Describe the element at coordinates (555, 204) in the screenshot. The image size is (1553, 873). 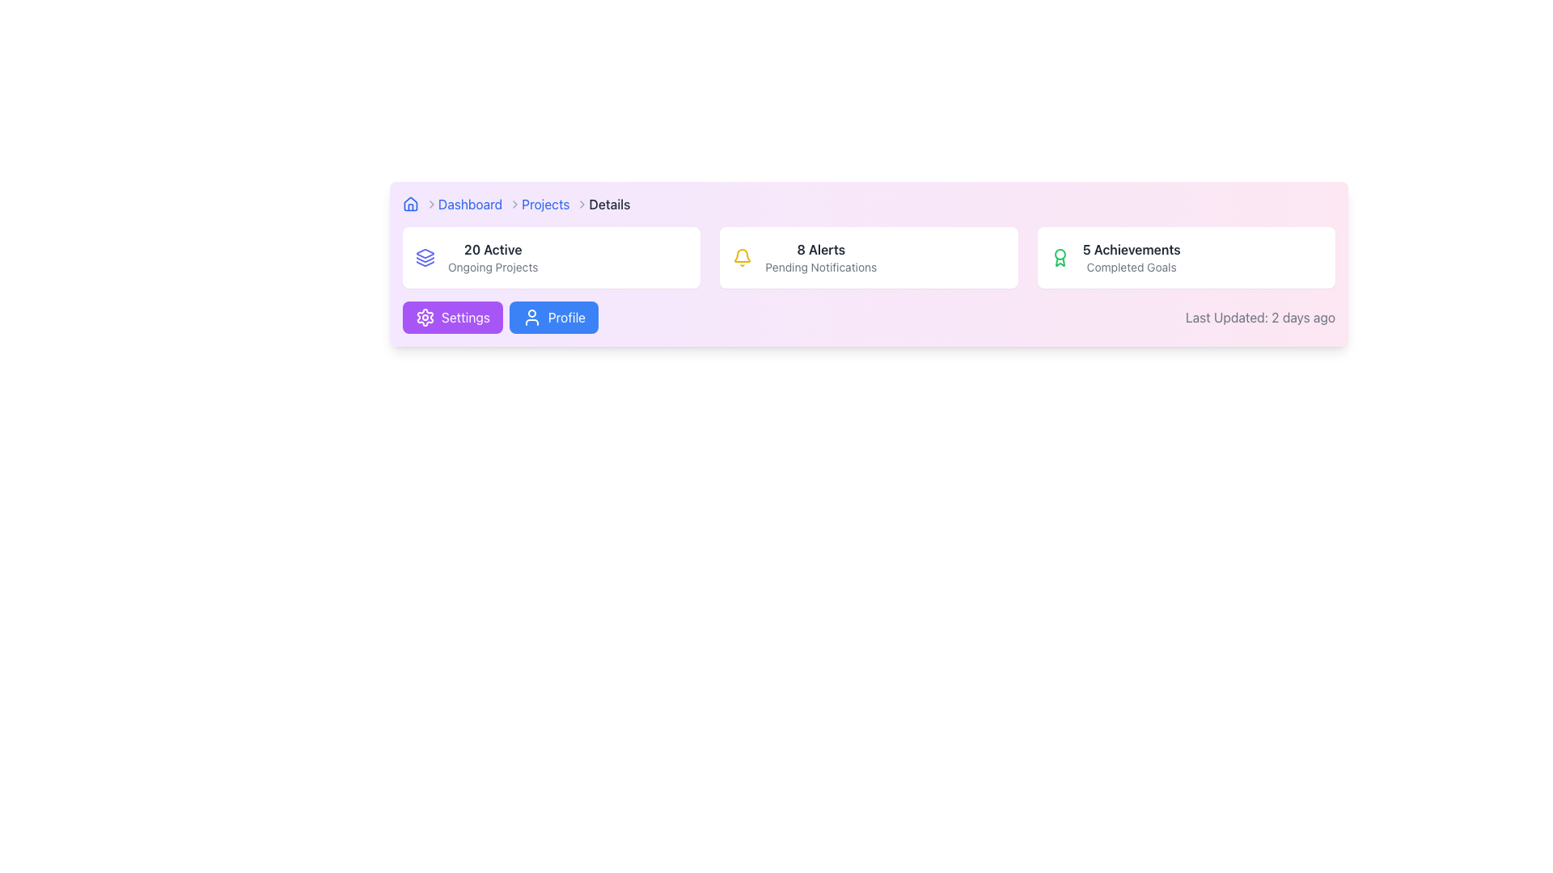
I see `the 'Projects' breadcrumb link, which is styled in blue with an underline on hover and located between 'Dashboard' and 'Details' in the breadcrumb navigation bar` at that location.